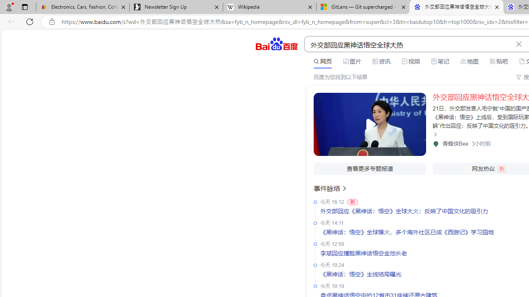 The image size is (529, 297). Describe the element at coordinates (409, 45) in the screenshot. I see `'AutomationID: kw'` at that location.